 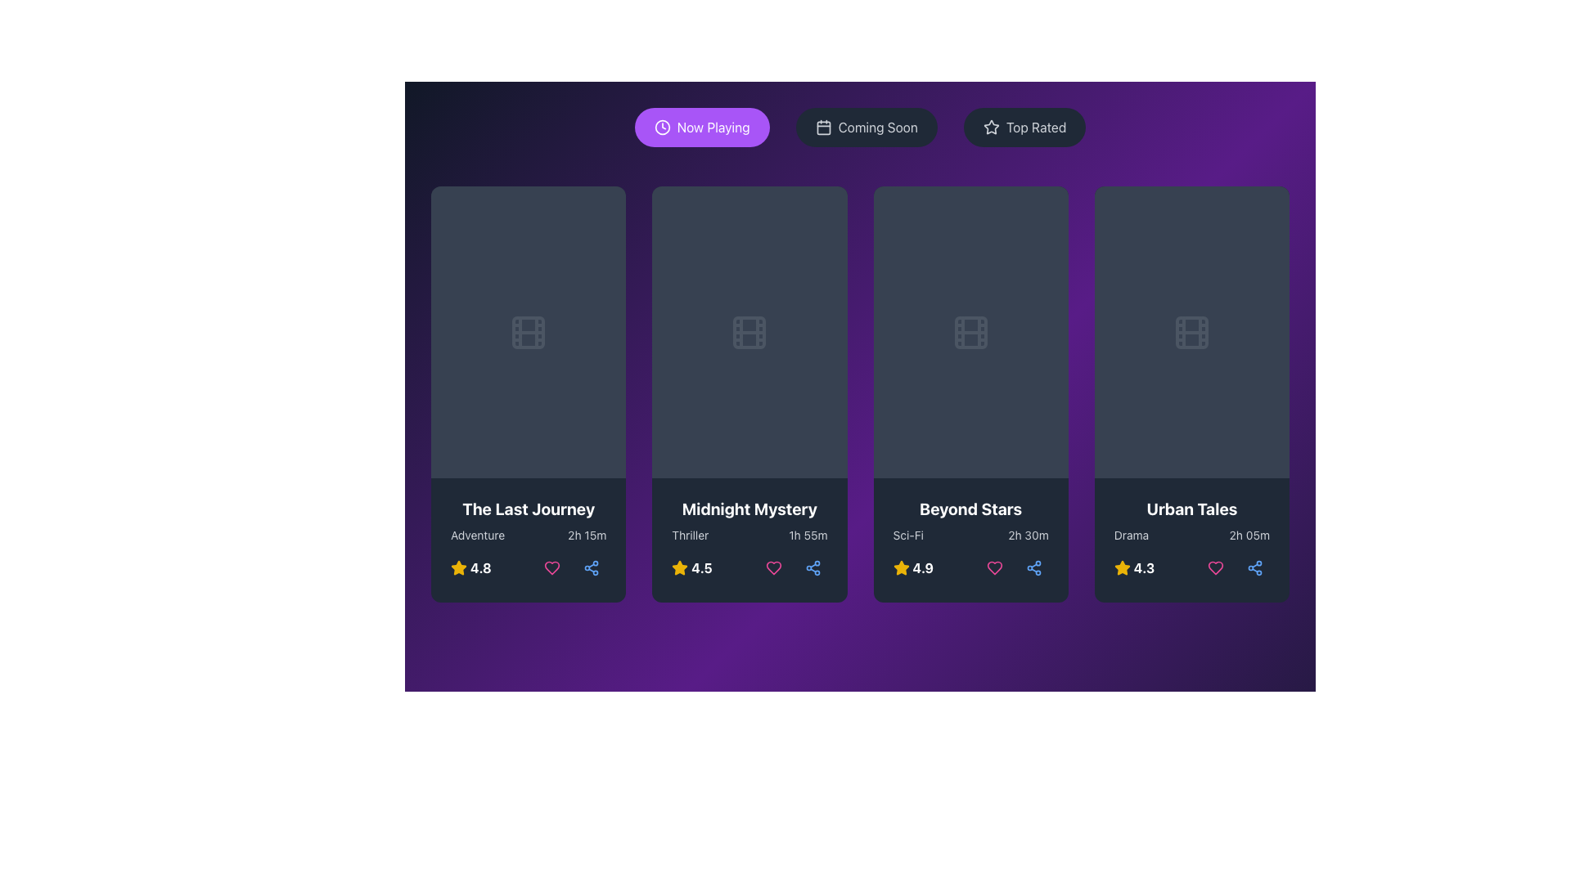 I want to click on the thumbnail element representing the movie 'The Last Journey', so click(x=529, y=331).